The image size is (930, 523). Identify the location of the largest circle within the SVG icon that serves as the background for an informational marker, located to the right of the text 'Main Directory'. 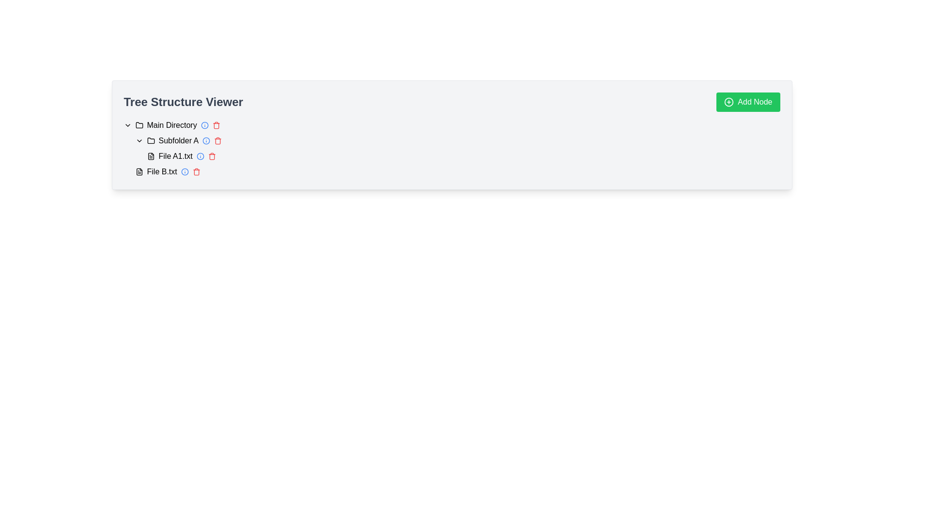
(200, 156).